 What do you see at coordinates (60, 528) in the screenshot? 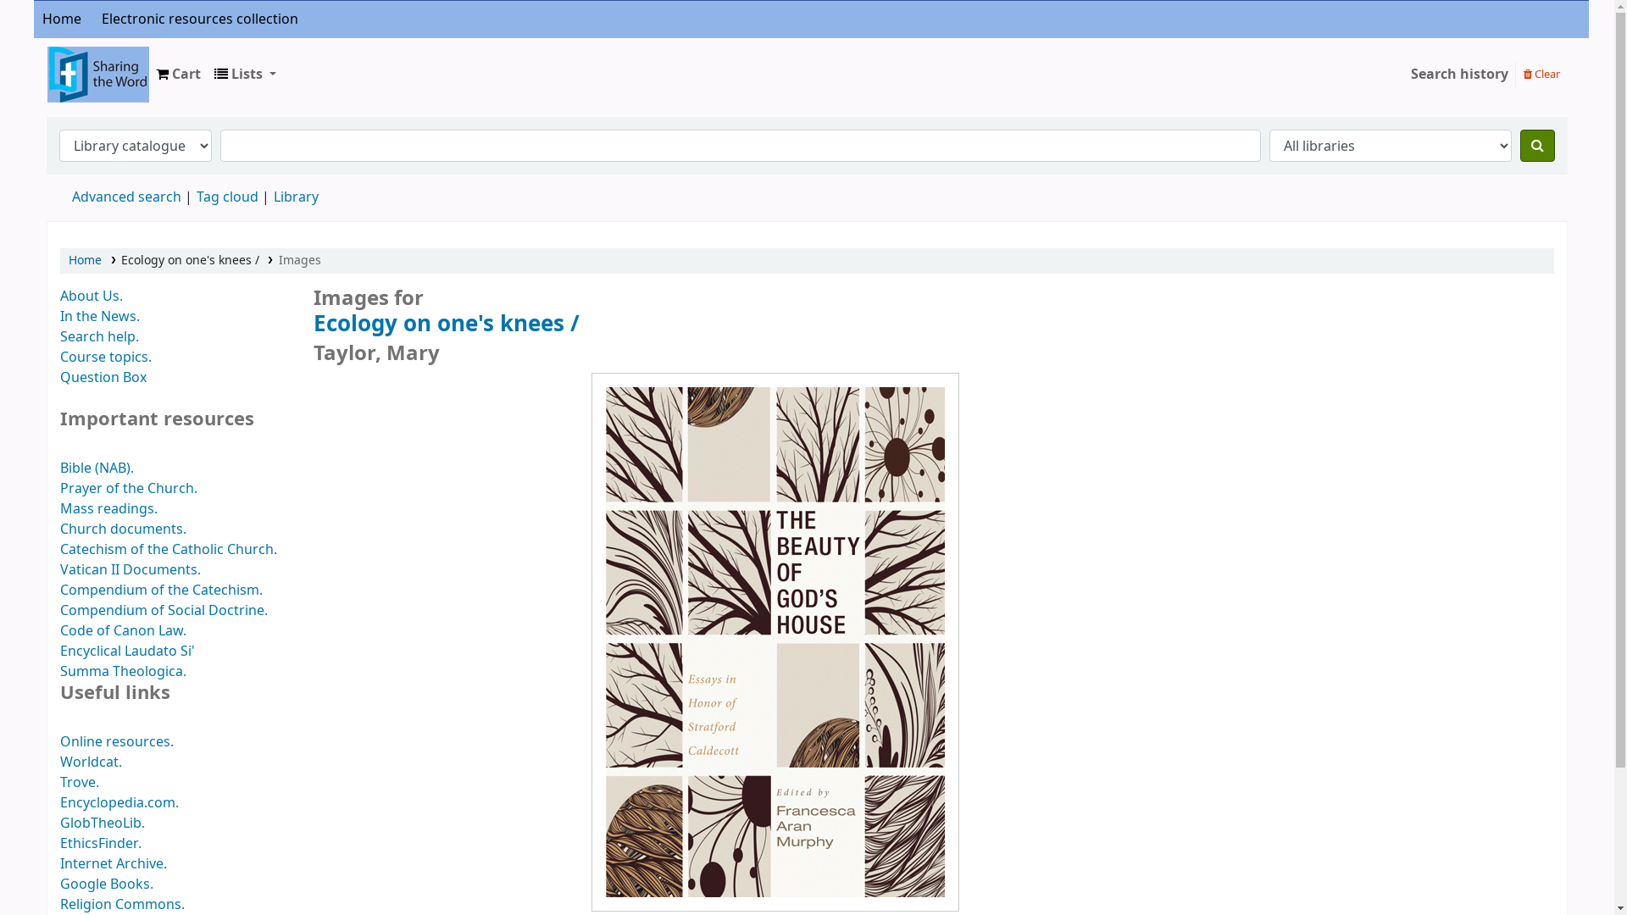
I see `'Church documents.'` at bounding box center [60, 528].